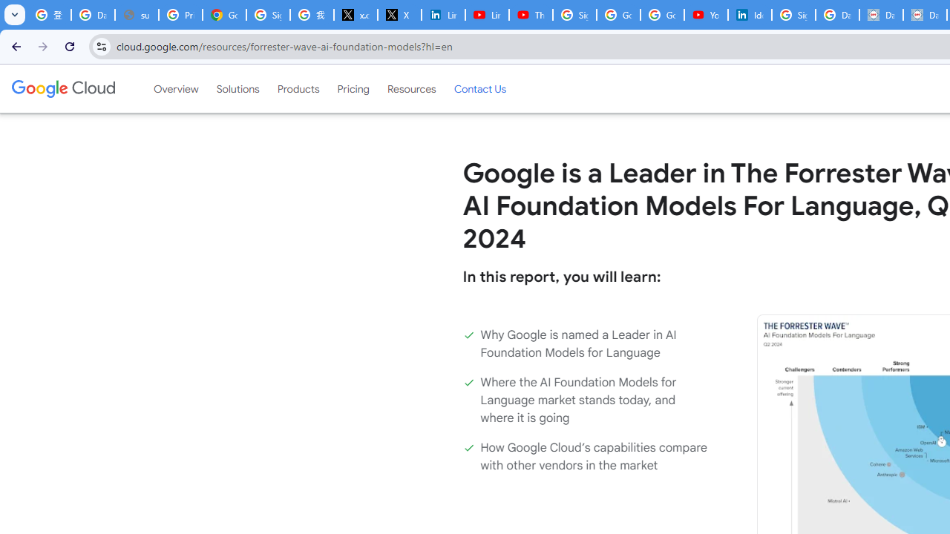 This screenshot has height=534, width=950. I want to click on 'support.google.com - Network error', so click(137, 15).